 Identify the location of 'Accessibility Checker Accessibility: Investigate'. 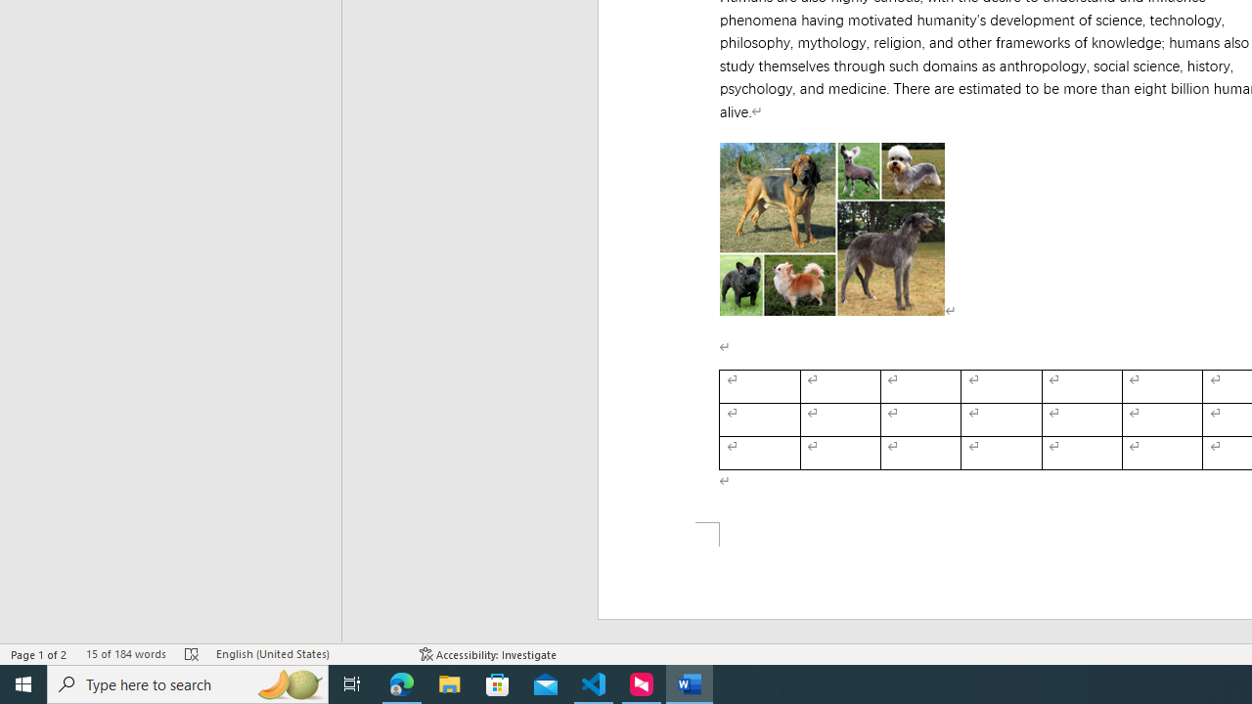
(488, 654).